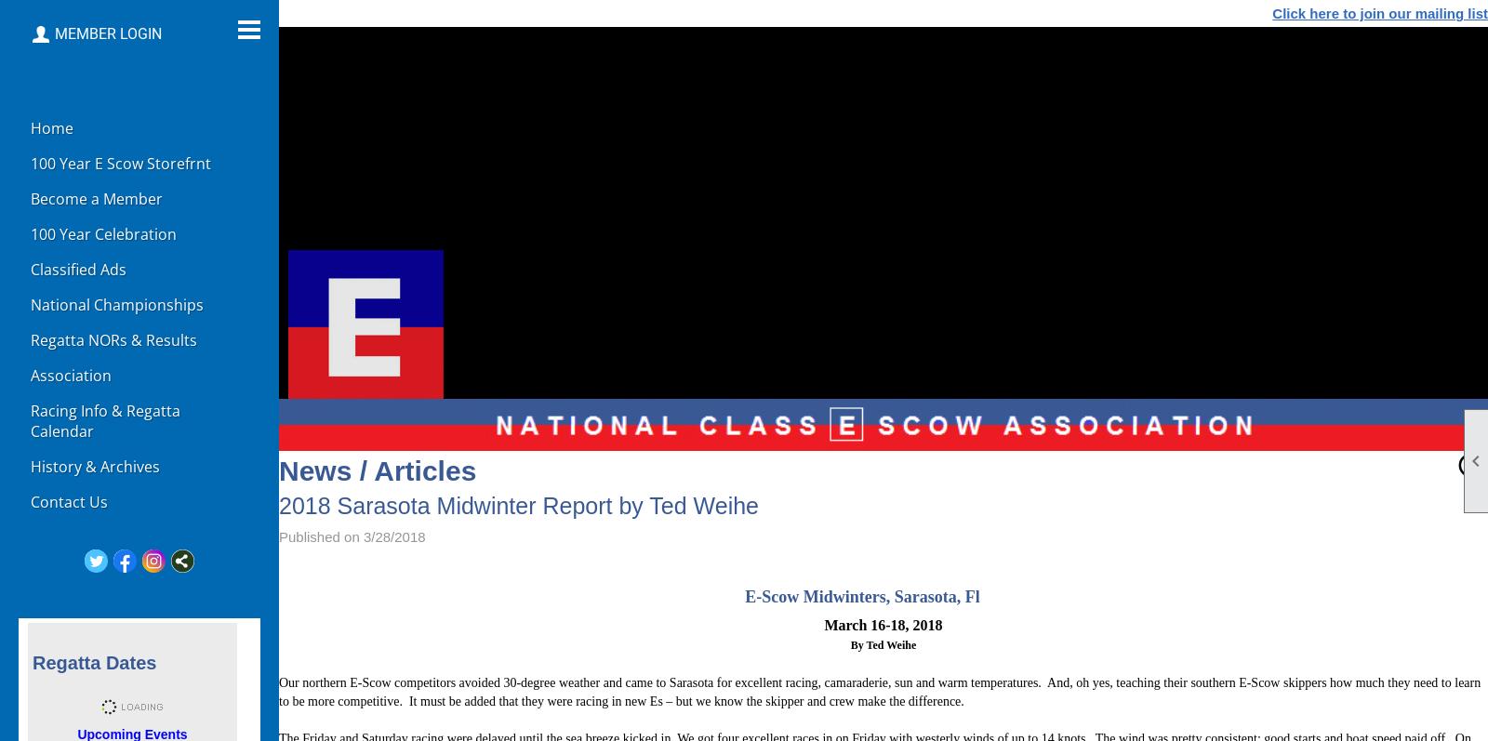 The width and height of the screenshot is (1488, 741). What do you see at coordinates (1271, 12) in the screenshot?
I see `'Click here to join our mailing list'` at bounding box center [1271, 12].